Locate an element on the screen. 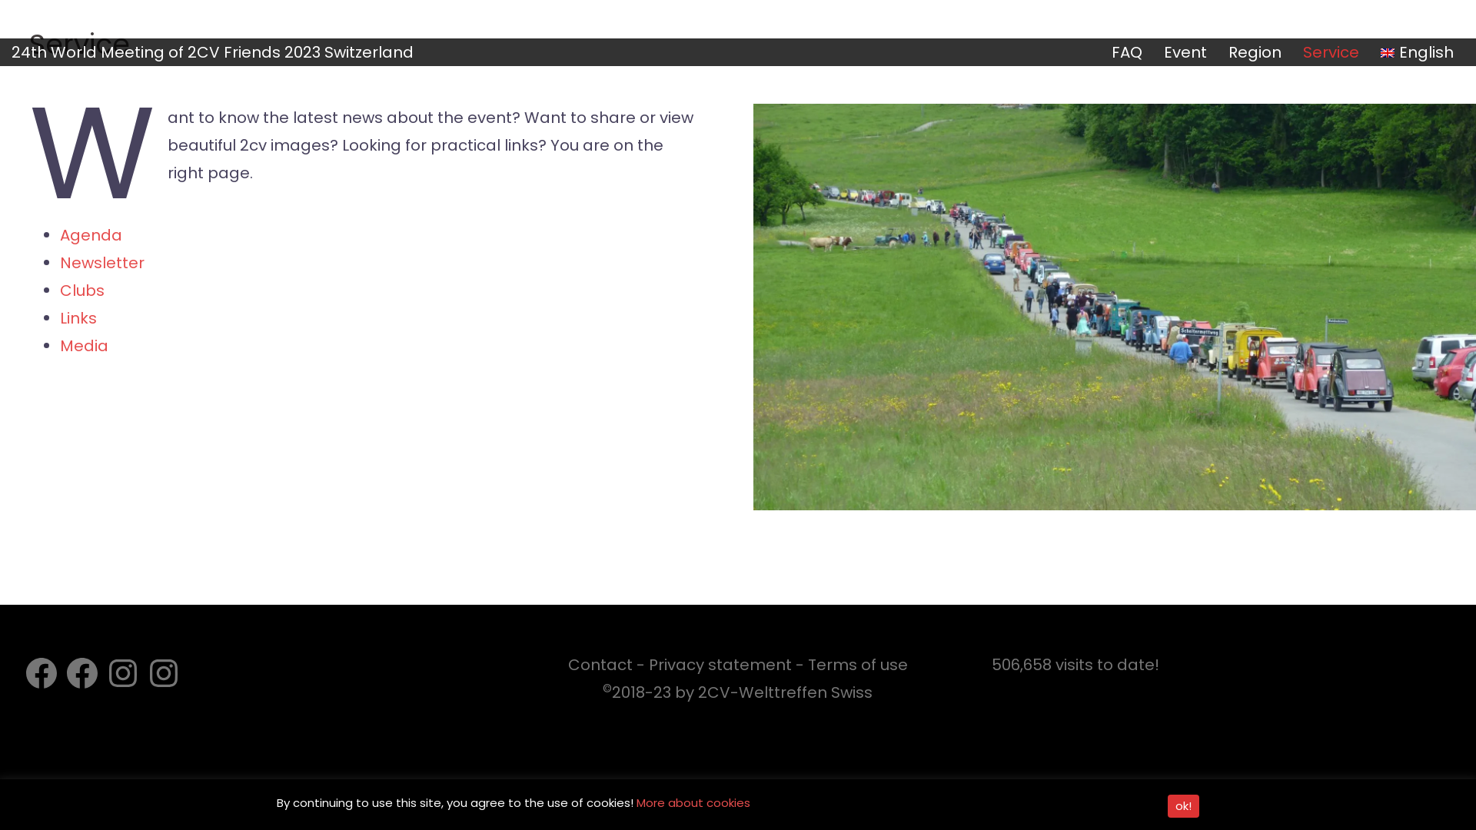  'Newsletter' is located at coordinates (59, 262).